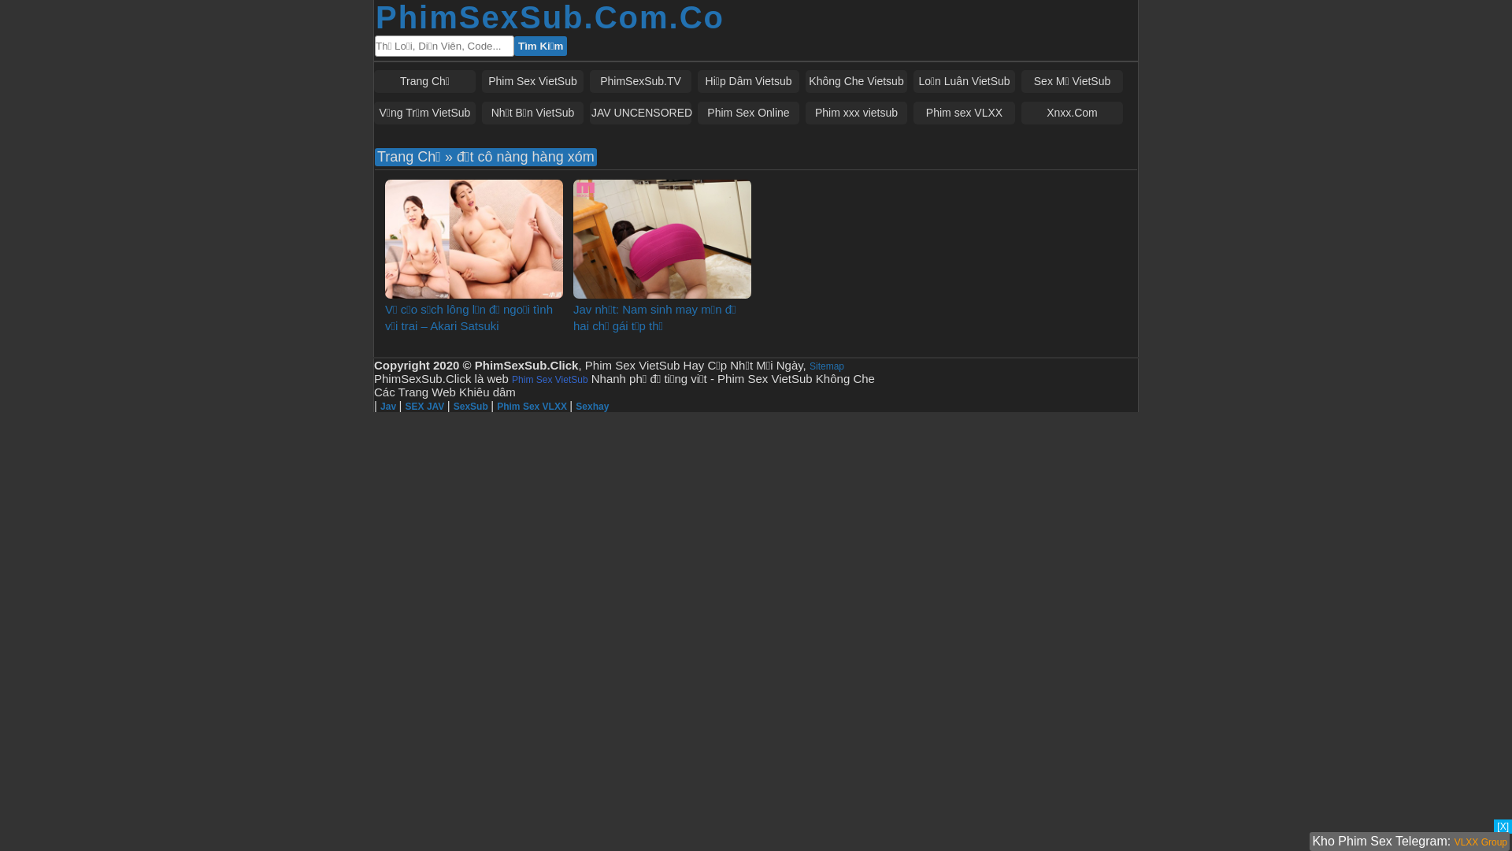 The height and width of the screenshot is (851, 1512). What do you see at coordinates (826, 366) in the screenshot?
I see `'Sitemap'` at bounding box center [826, 366].